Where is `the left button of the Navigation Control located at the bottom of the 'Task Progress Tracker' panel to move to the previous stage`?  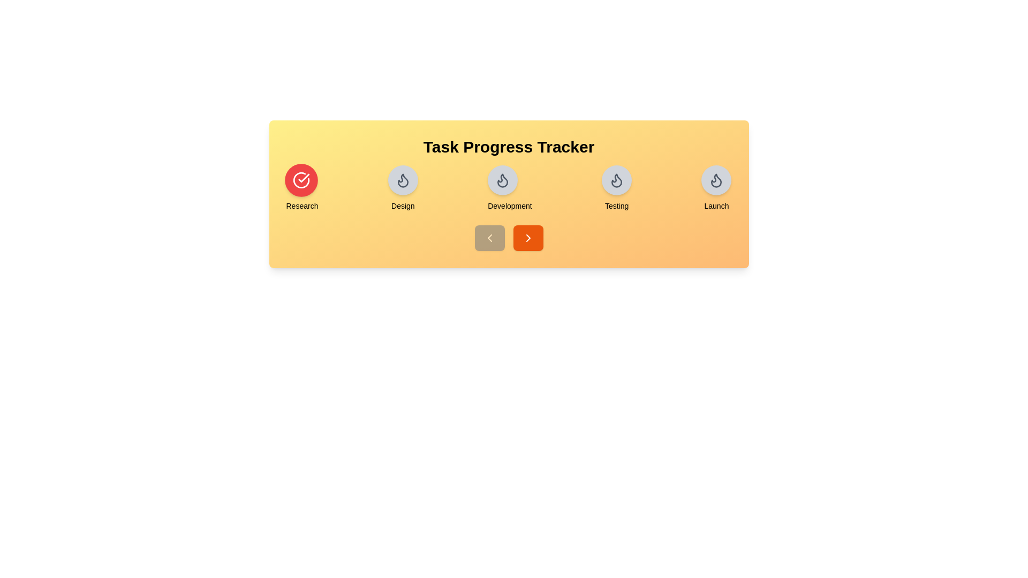
the left button of the Navigation Control located at the bottom of the 'Task Progress Tracker' panel to move to the previous stage is located at coordinates (508, 237).